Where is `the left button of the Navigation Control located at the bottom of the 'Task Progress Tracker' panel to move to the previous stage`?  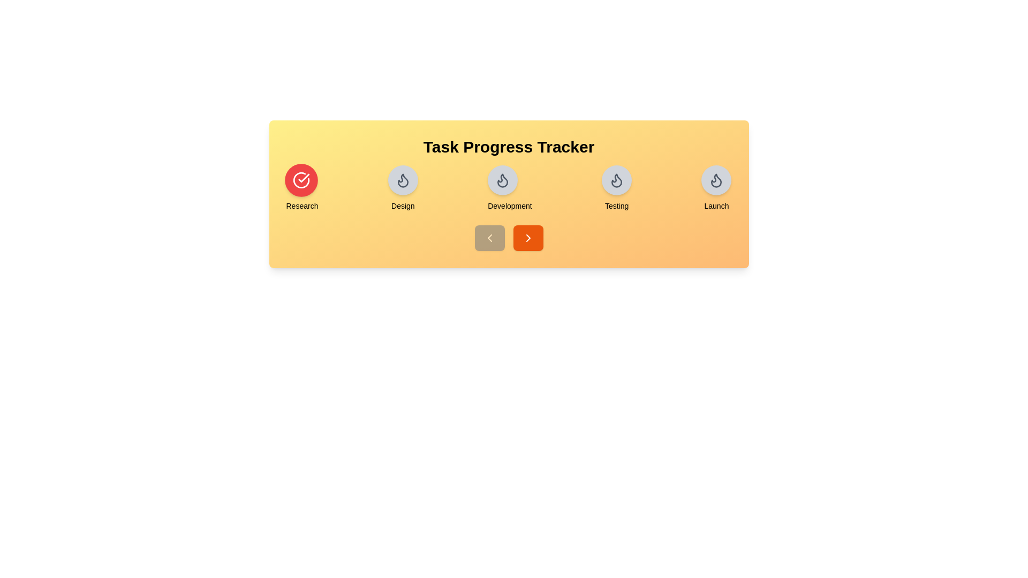
the left button of the Navigation Control located at the bottom of the 'Task Progress Tracker' panel to move to the previous stage is located at coordinates (508, 237).